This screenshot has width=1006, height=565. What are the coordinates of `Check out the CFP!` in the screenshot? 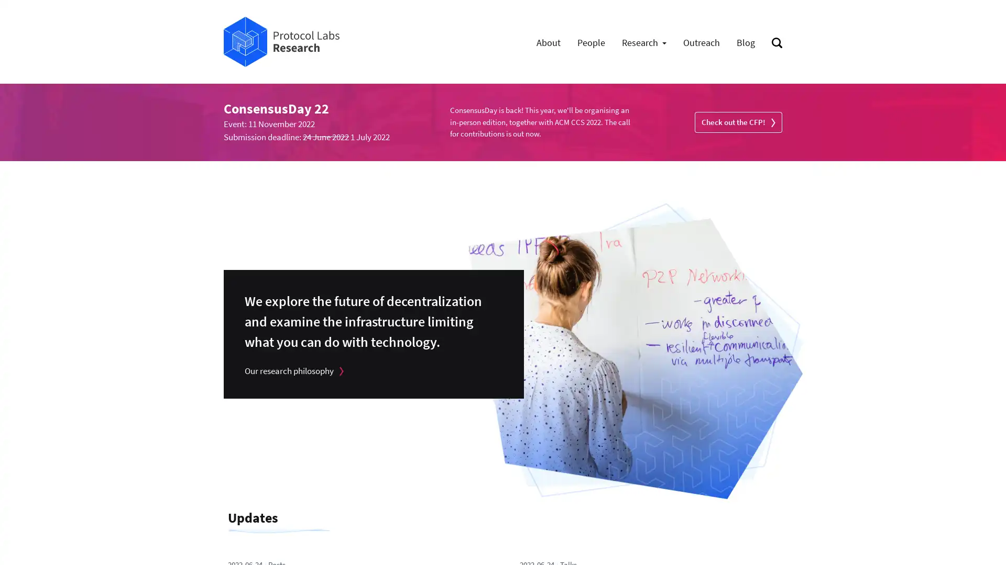 It's located at (738, 121).